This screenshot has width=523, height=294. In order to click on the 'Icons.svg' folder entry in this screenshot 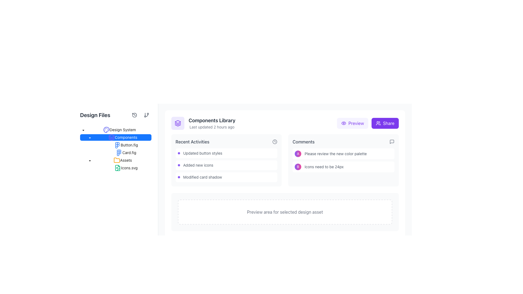, I will do `click(126, 168)`.